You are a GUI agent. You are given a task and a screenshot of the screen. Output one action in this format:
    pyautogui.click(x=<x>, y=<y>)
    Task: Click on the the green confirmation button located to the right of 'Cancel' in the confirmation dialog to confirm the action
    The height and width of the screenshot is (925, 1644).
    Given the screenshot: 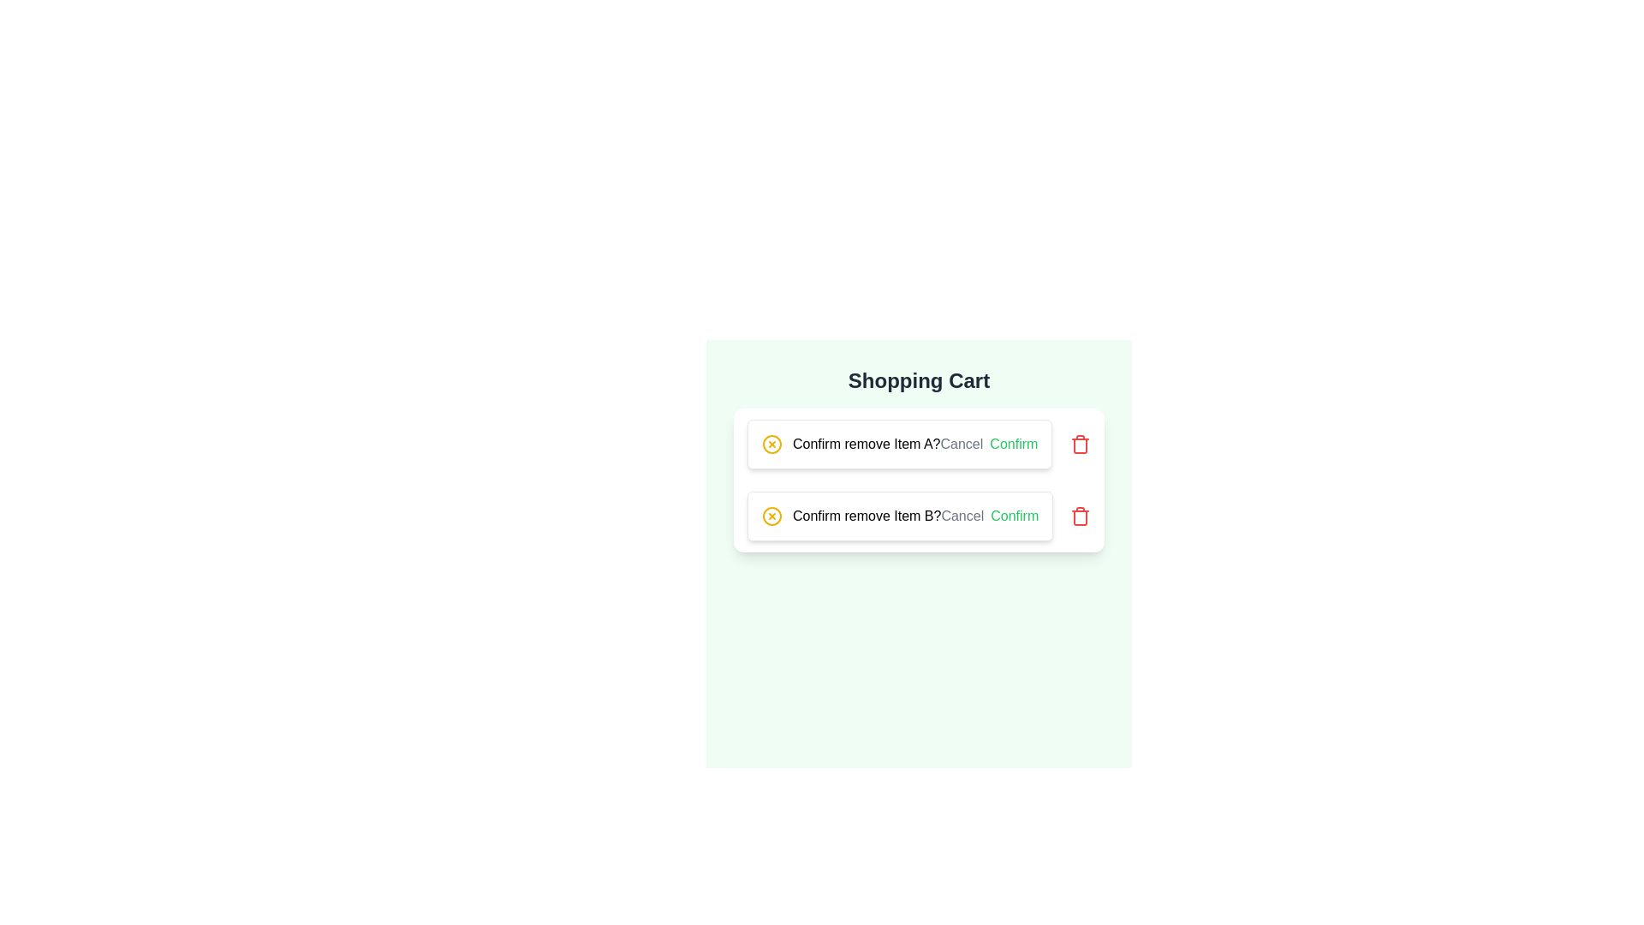 What is the action you would take?
    pyautogui.click(x=1014, y=444)
    